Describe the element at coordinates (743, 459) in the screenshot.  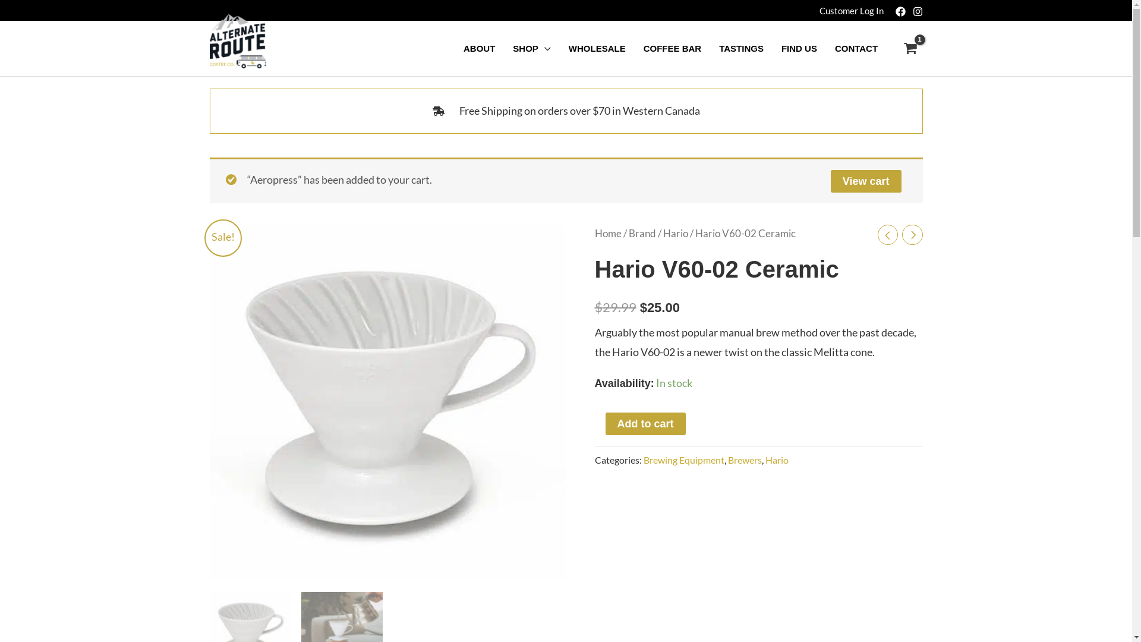
I see `'Brewers'` at that location.